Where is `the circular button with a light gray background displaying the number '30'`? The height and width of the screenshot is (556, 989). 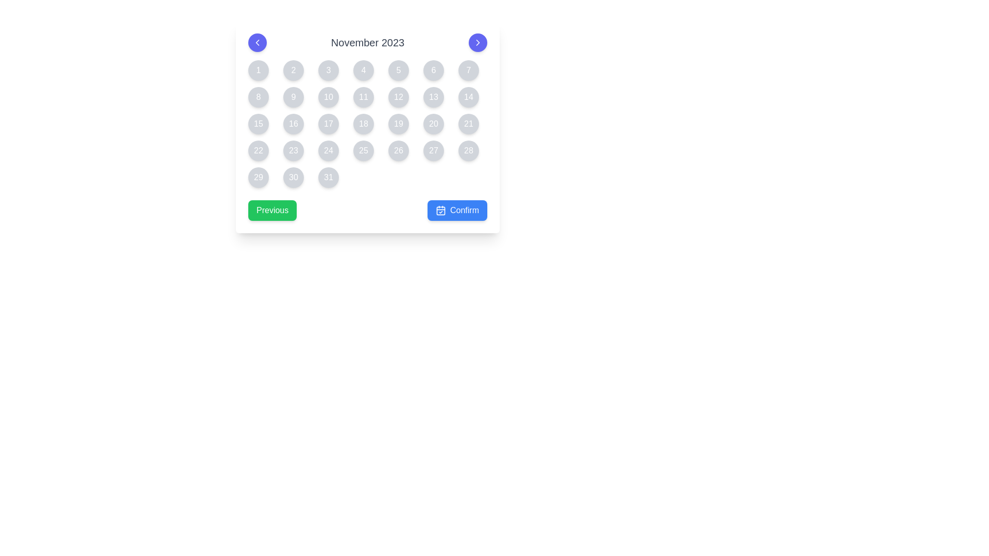 the circular button with a light gray background displaying the number '30' is located at coordinates (293, 177).